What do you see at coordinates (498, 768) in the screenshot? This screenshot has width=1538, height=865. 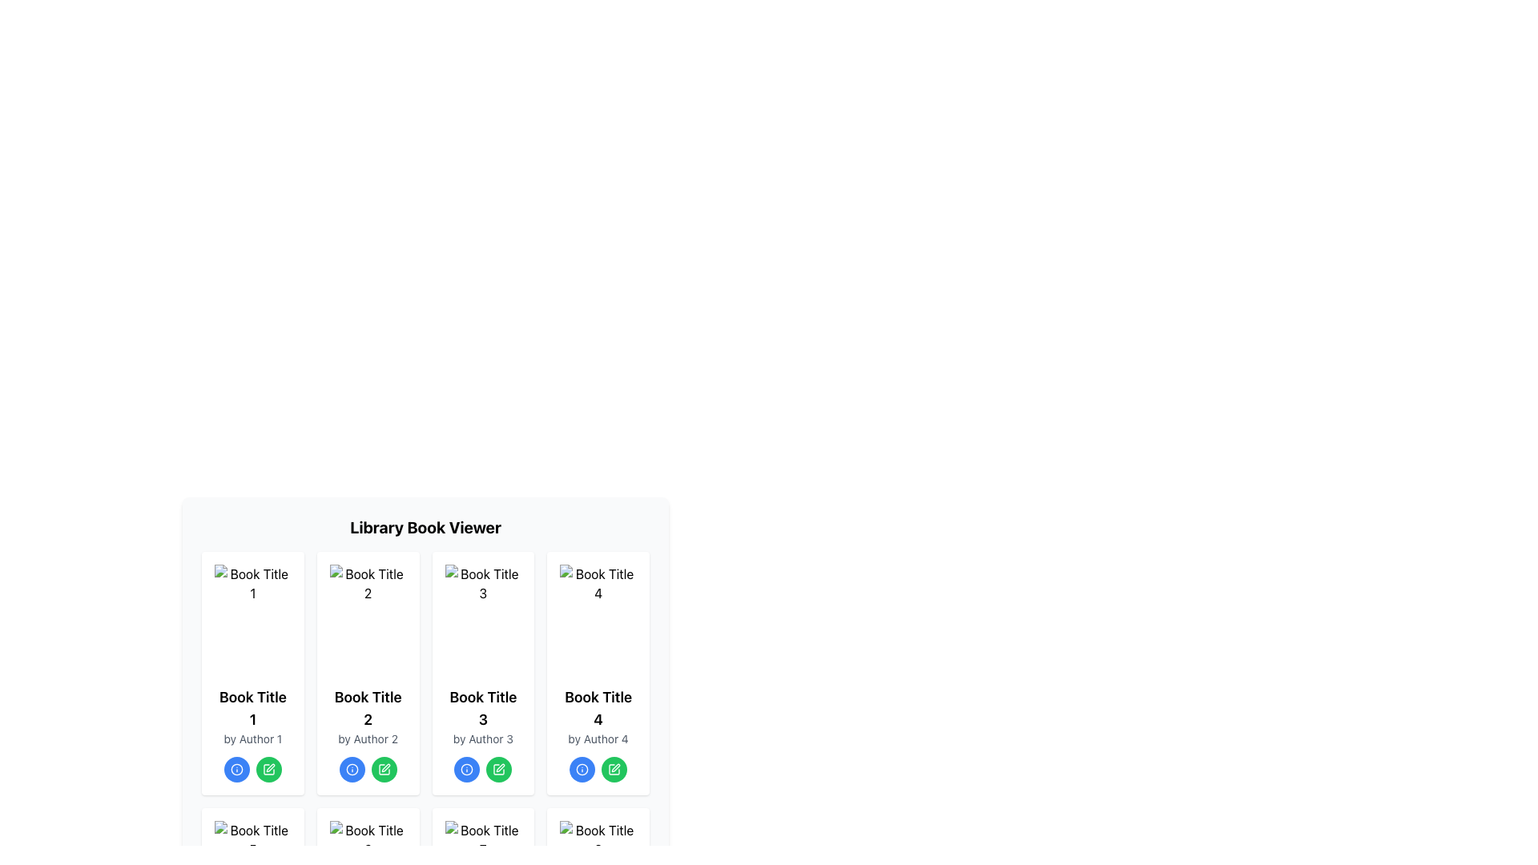 I see `the green circular button with a white pen icon located in the bottom row of controls under 'Book Title 3' in the third card` at bounding box center [498, 768].